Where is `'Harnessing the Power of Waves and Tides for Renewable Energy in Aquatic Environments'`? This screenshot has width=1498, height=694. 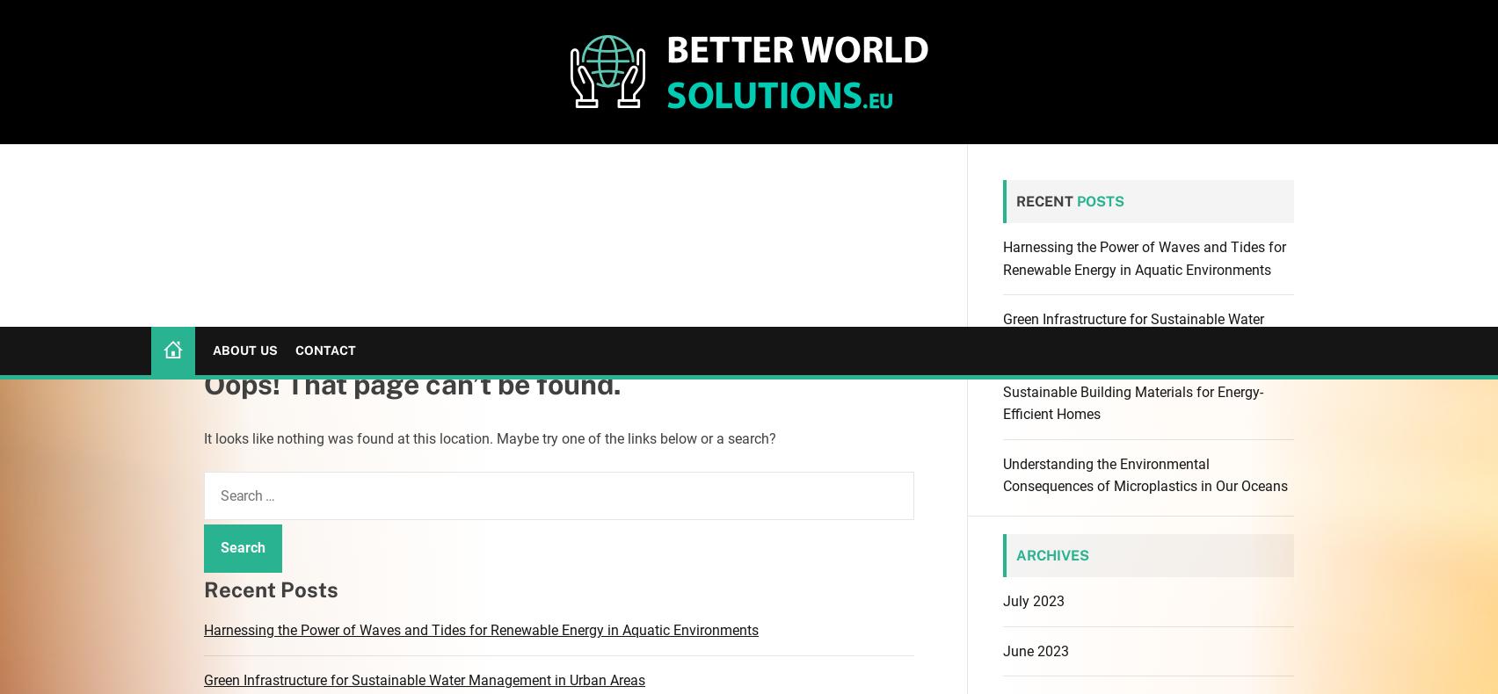 'Harnessing the Power of Waves and Tides for Renewable Energy in Aquatic Environments' is located at coordinates (481, 303).